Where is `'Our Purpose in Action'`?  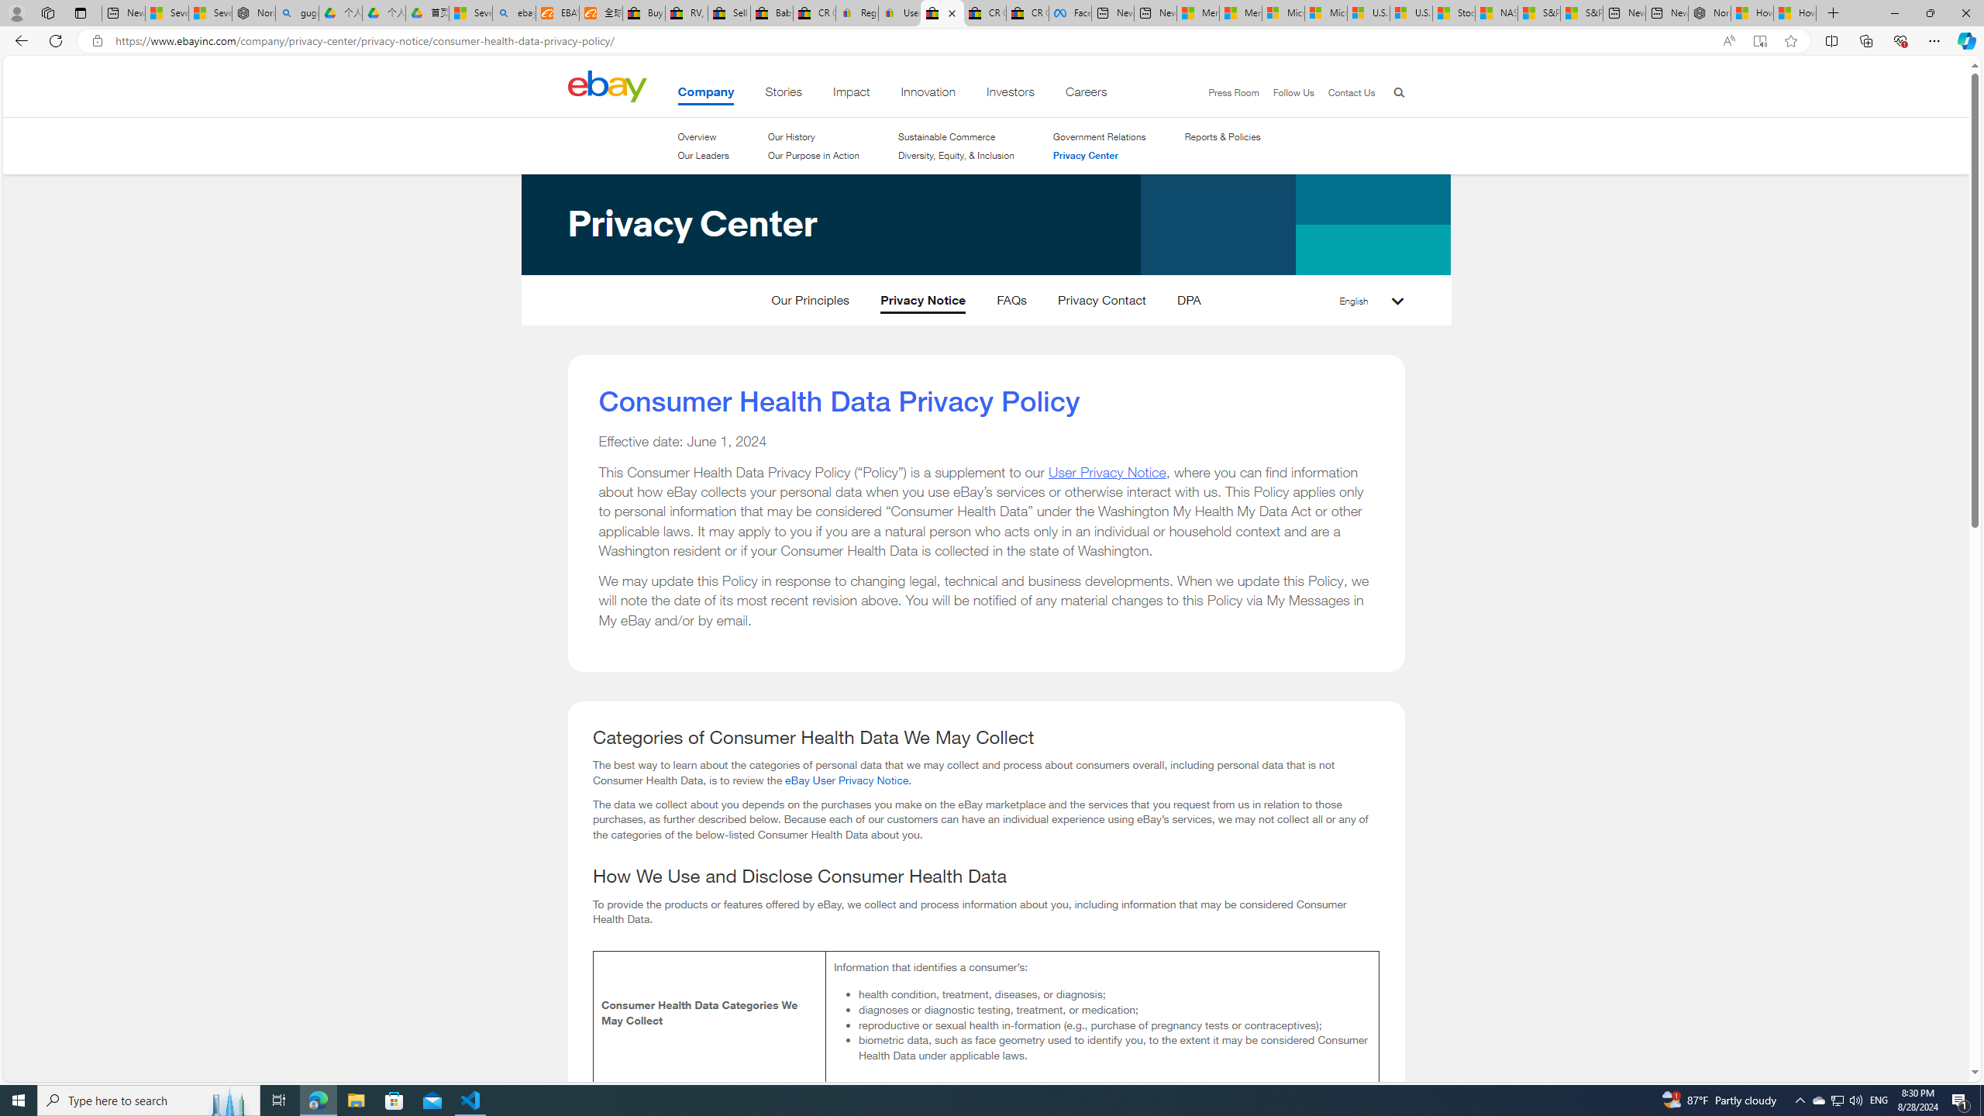 'Our Purpose in Action' is located at coordinates (812, 154).